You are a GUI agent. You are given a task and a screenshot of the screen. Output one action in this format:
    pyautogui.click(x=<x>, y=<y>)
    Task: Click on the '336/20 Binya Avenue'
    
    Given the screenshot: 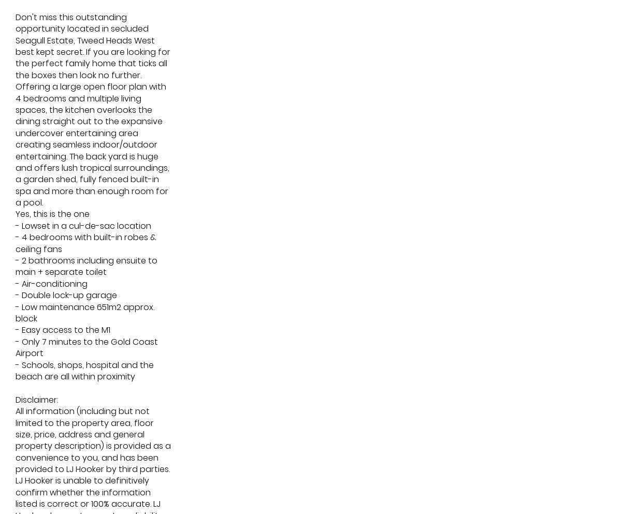 What is the action you would take?
    pyautogui.click(x=247, y=234)
    